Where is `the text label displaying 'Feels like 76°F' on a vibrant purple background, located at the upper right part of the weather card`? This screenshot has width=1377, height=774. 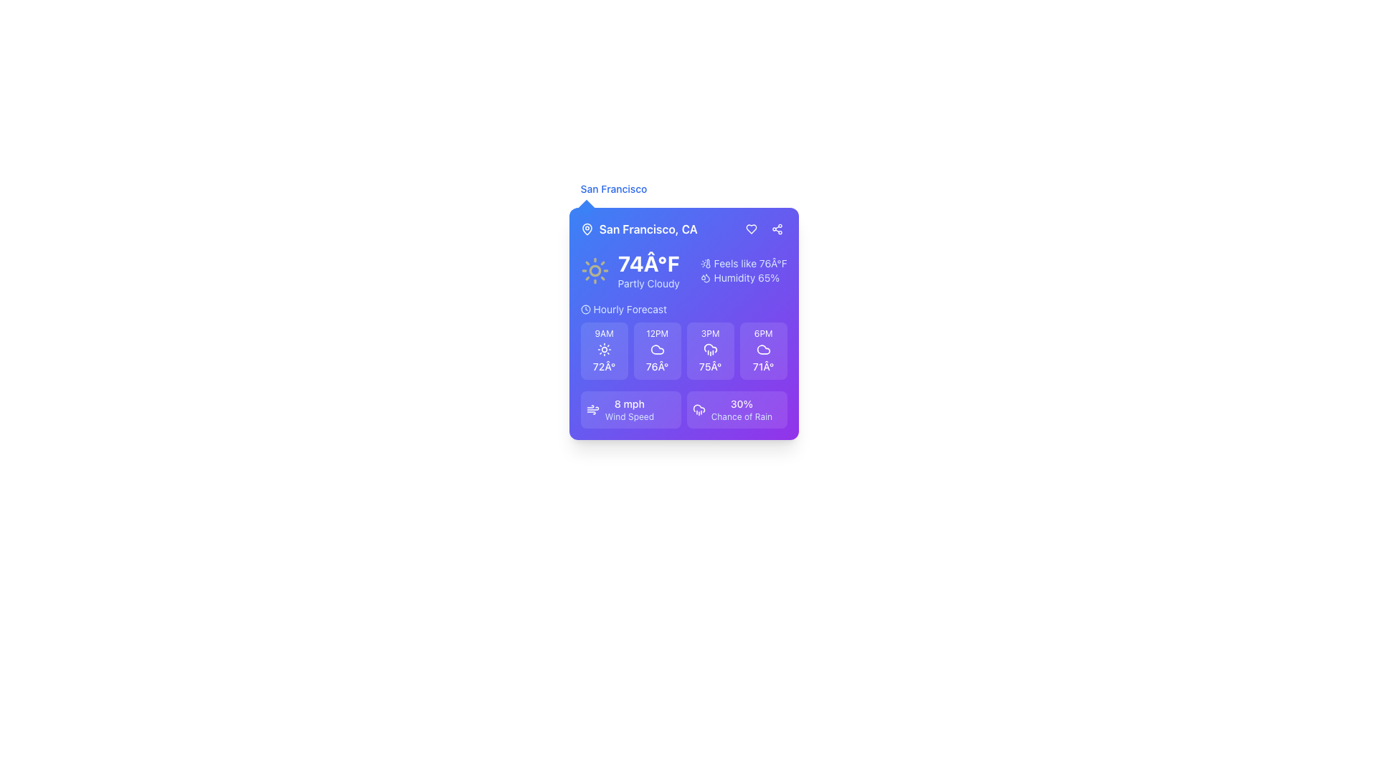
the text label displaying 'Feels like 76°F' on a vibrant purple background, located at the upper right part of the weather card is located at coordinates (749, 263).